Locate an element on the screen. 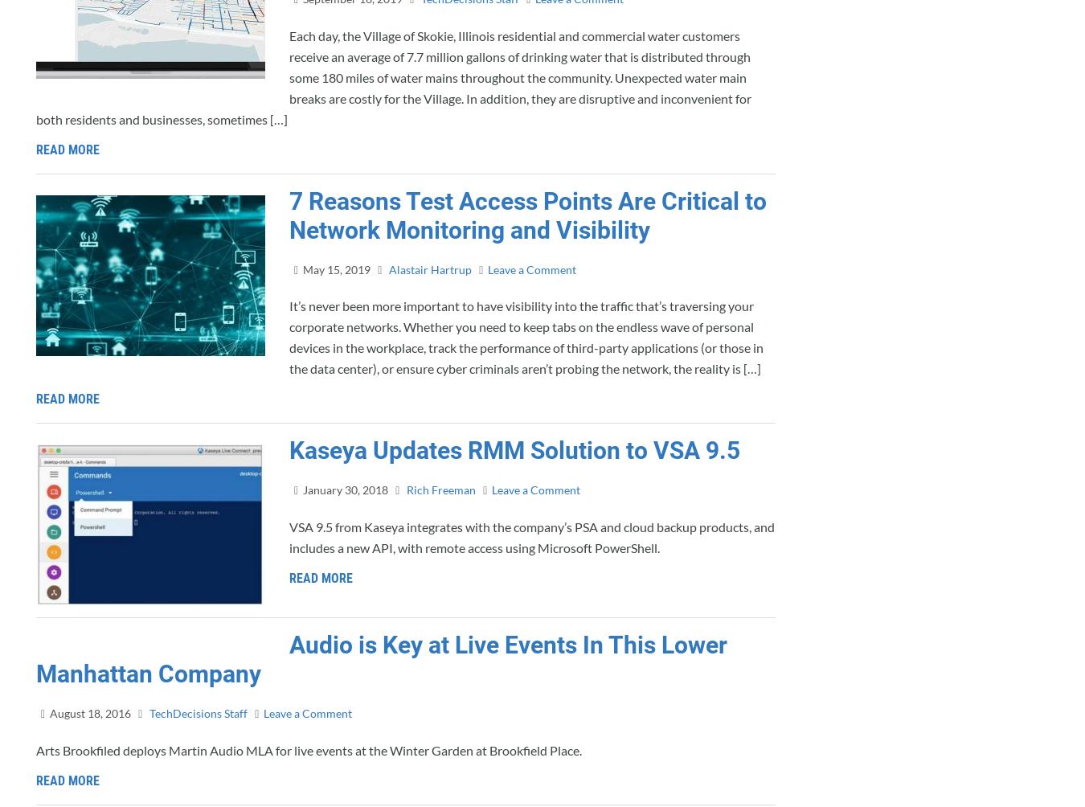 This screenshot has height=807, width=1085. 'January 30, 2018' is located at coordinates (345, 490).